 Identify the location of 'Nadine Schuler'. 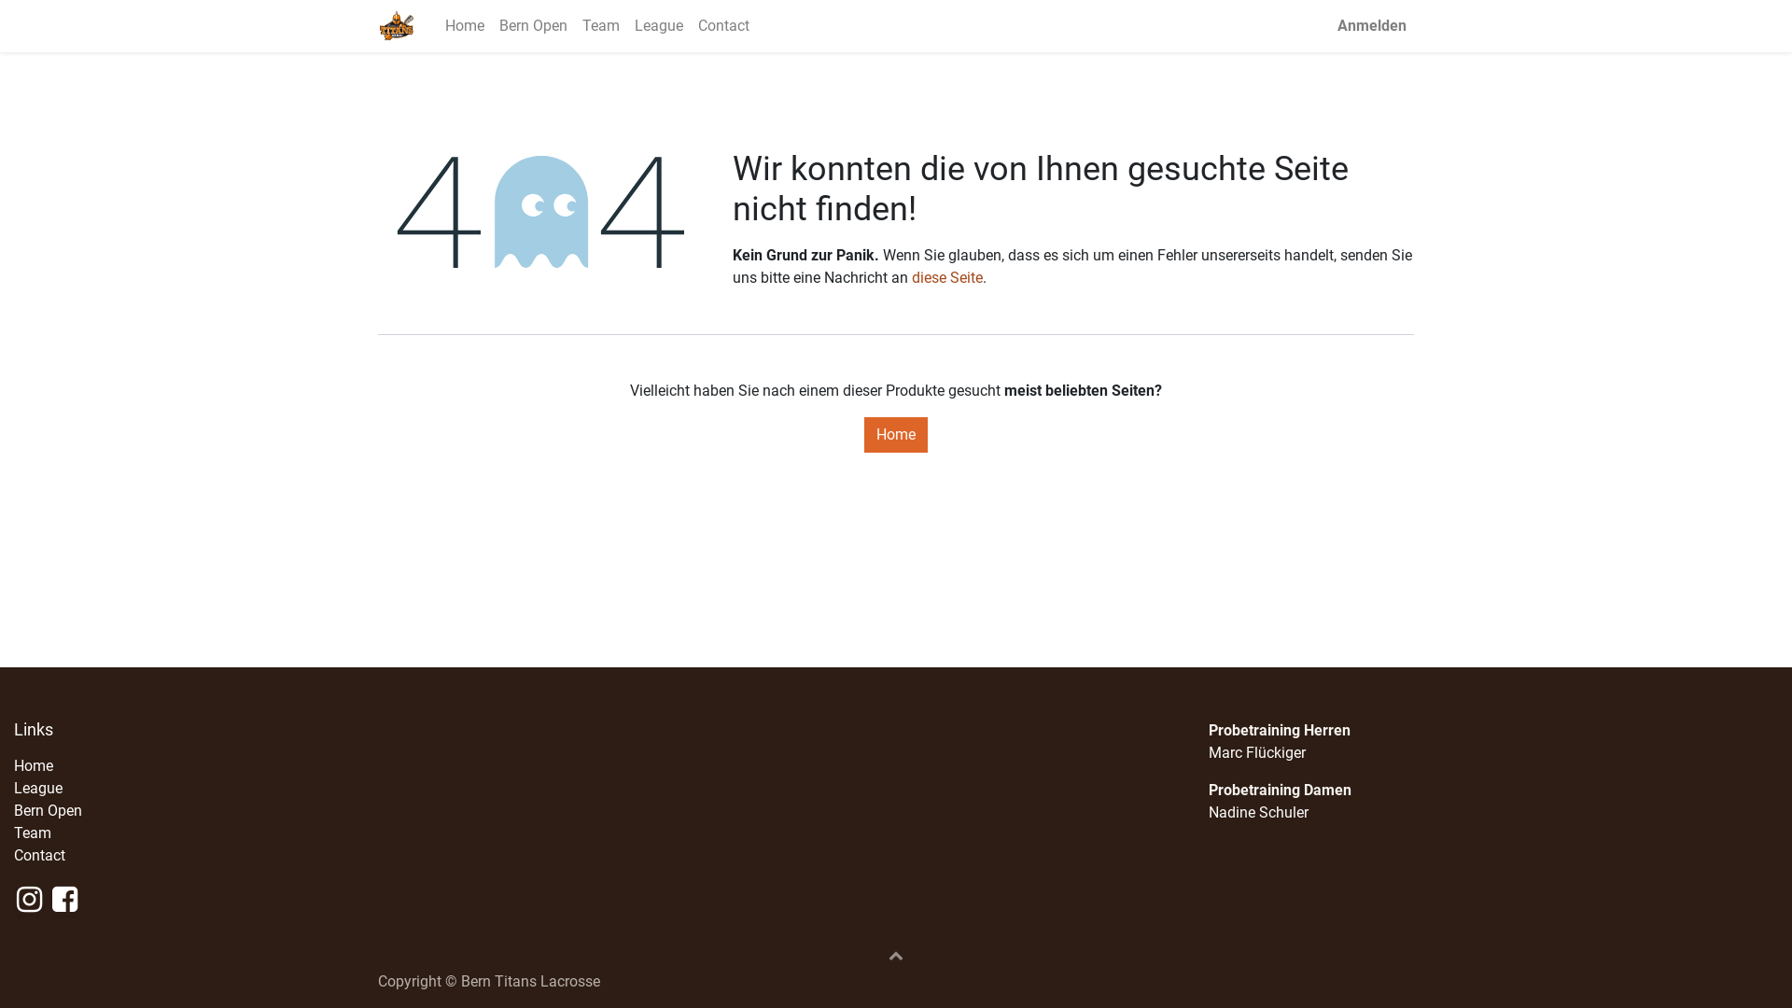
(1209, 811).